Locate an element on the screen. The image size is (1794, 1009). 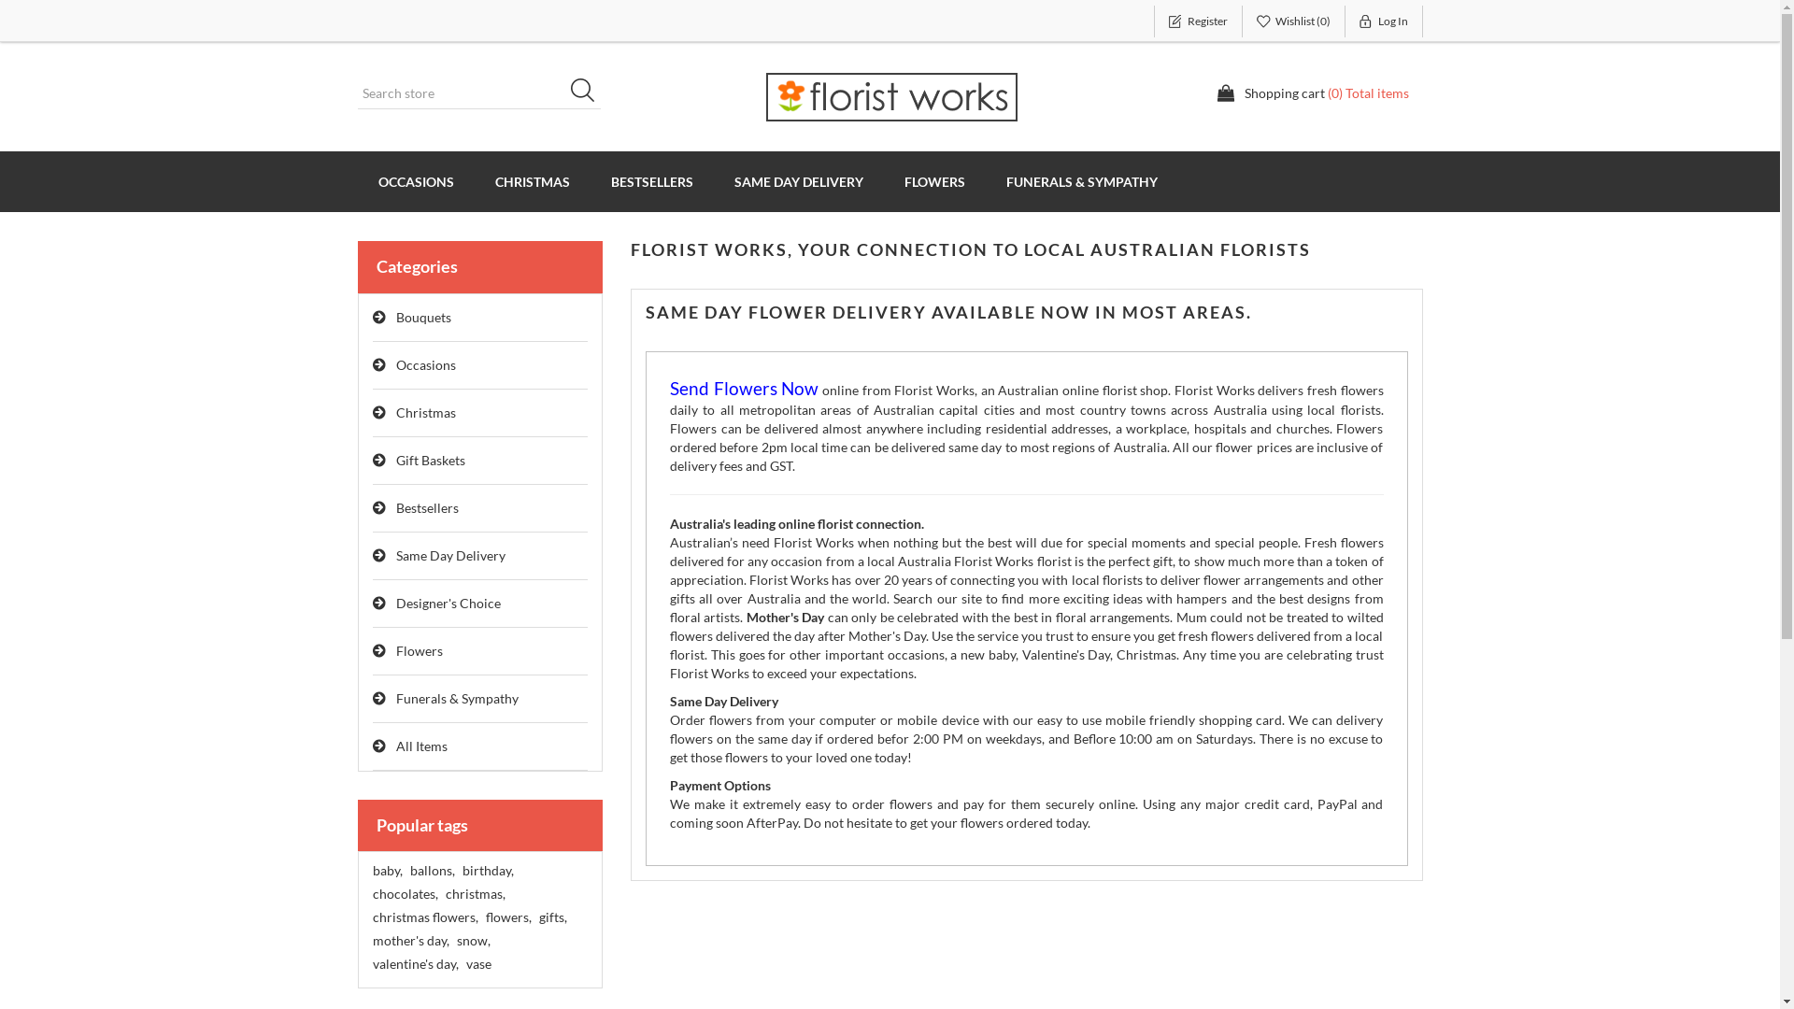
'Gift Baskets' is located at coordinates (479, 461).